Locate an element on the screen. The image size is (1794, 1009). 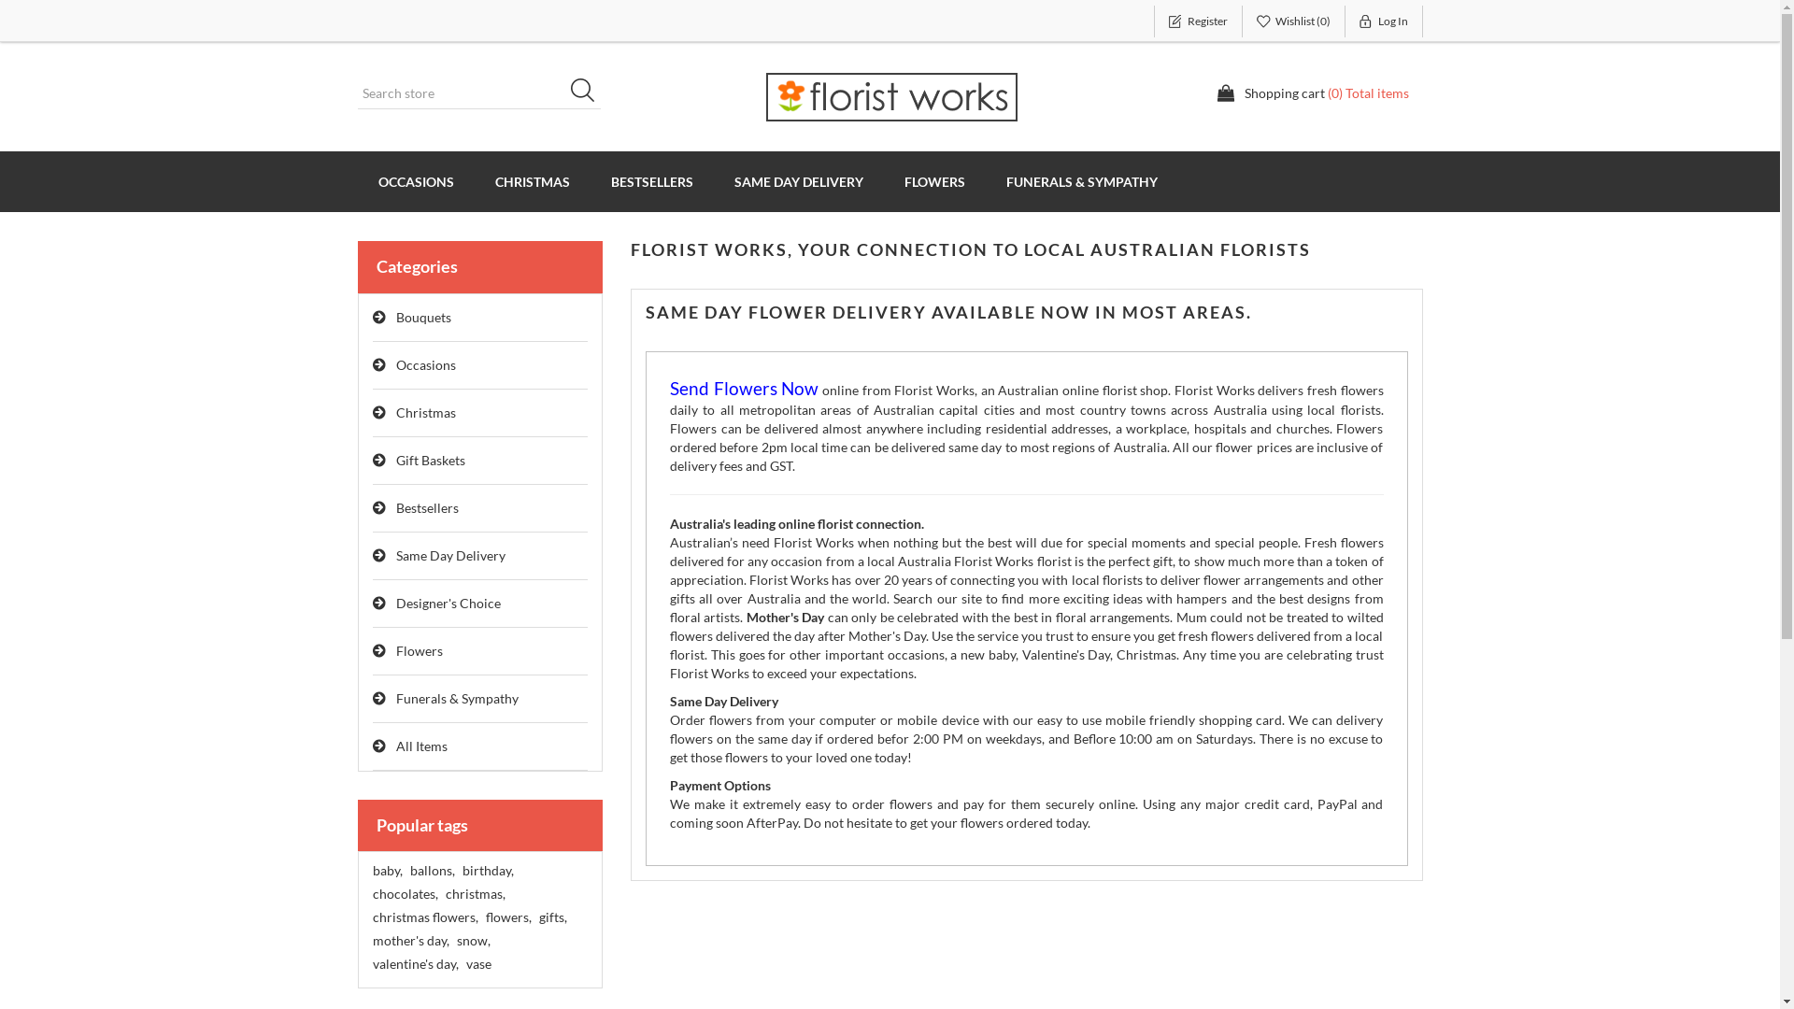
'Gift Baskets' is located at coordinates (479, 461).